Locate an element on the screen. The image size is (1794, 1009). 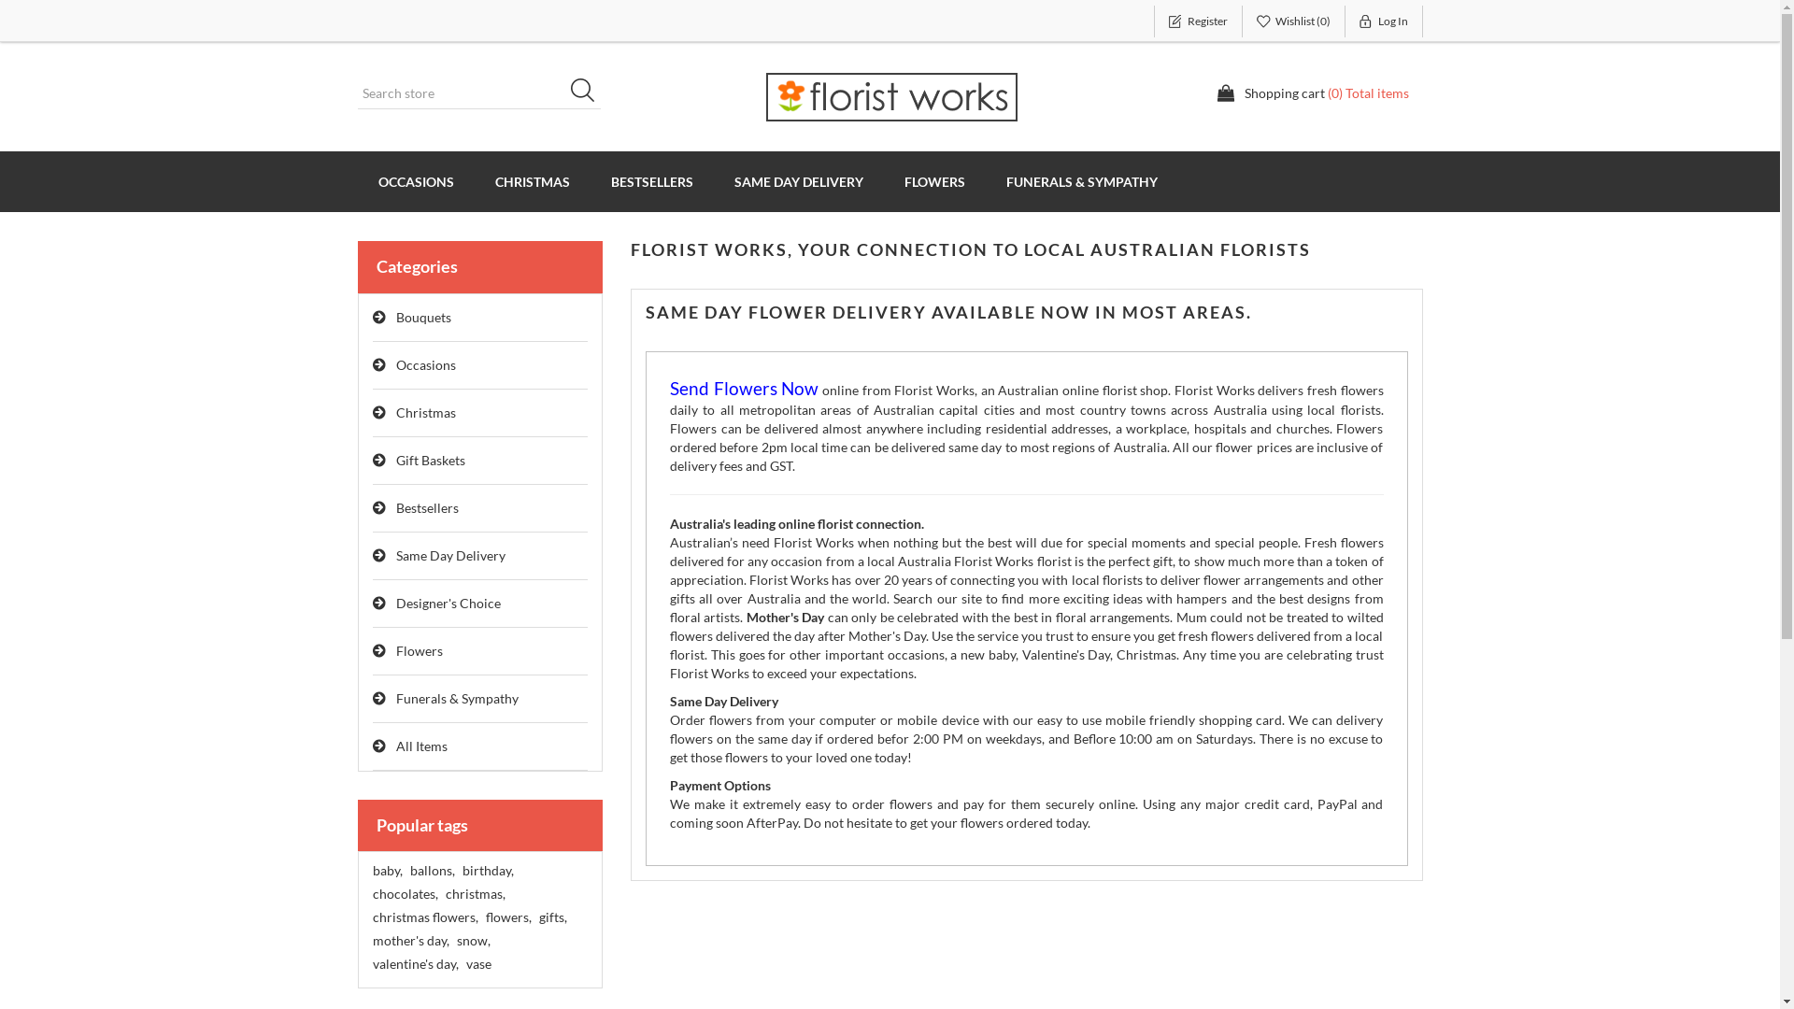
'Gift Baskets' is located at coordinates (479, 461).